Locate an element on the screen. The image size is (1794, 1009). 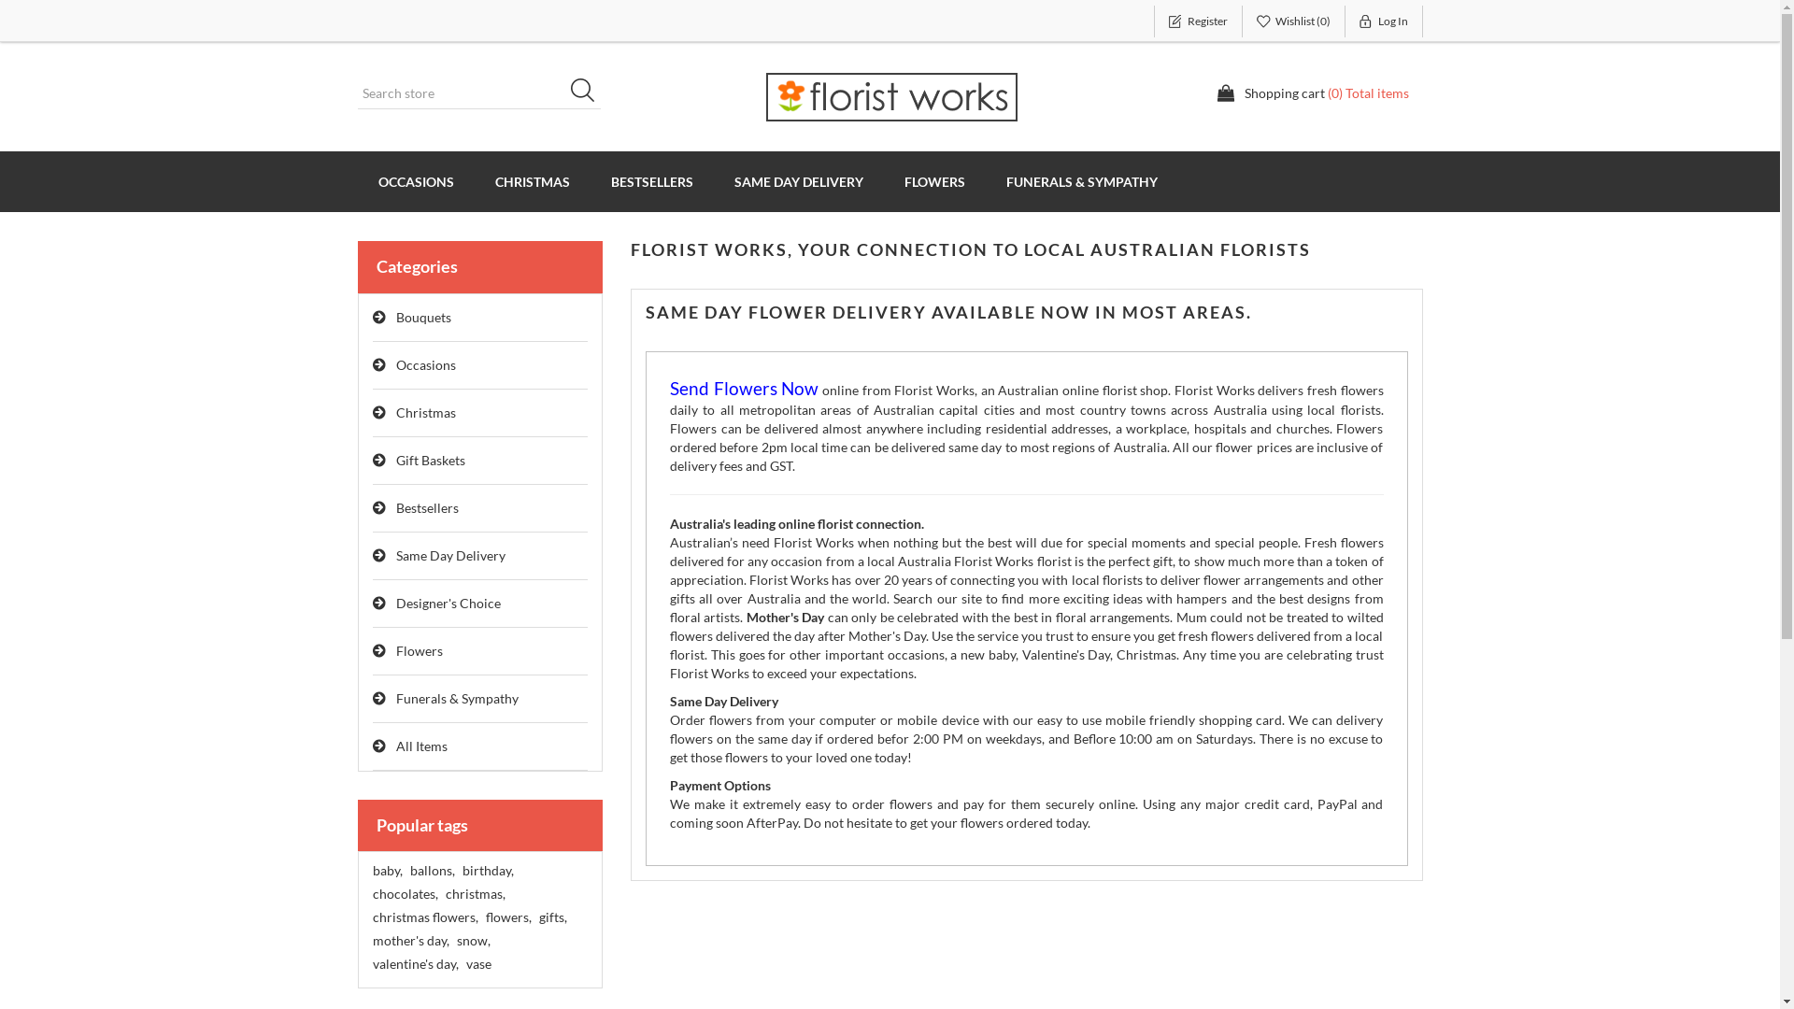
'Gift Baskets' is located at coordinates (479, 461).